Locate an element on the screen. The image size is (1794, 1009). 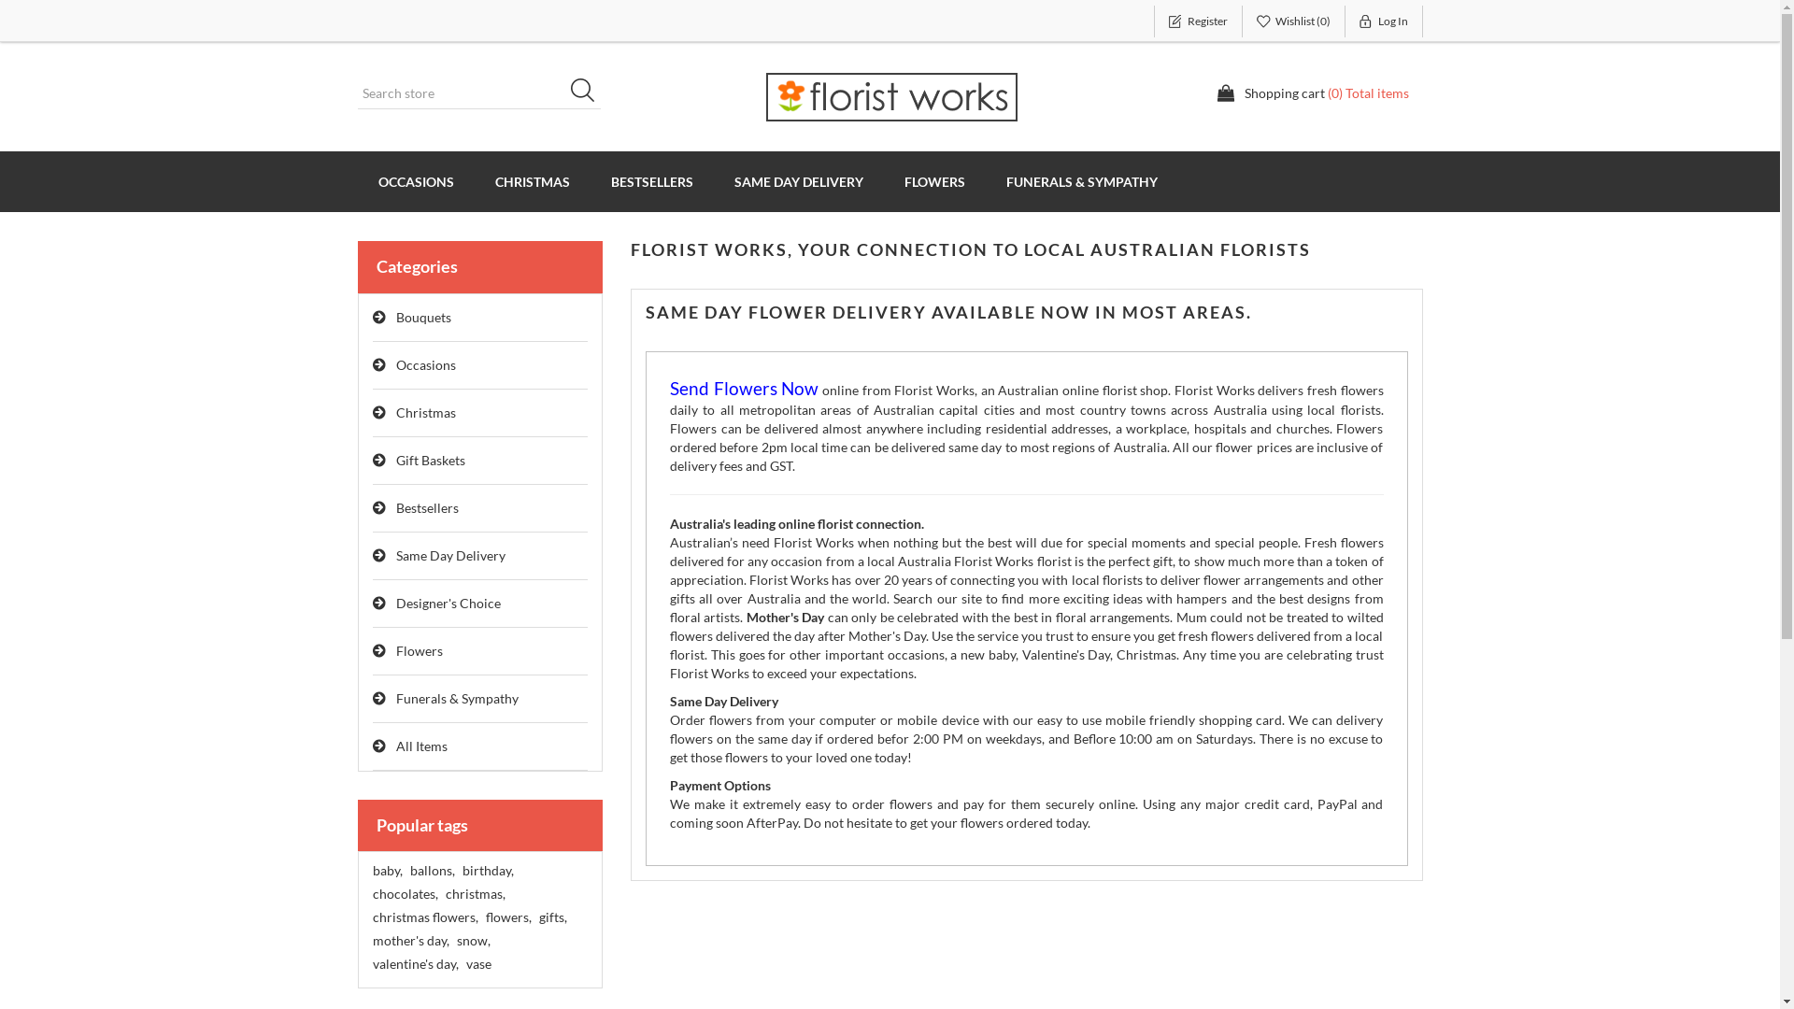
'Gift Baskets' is located at coordinates (479, 461).